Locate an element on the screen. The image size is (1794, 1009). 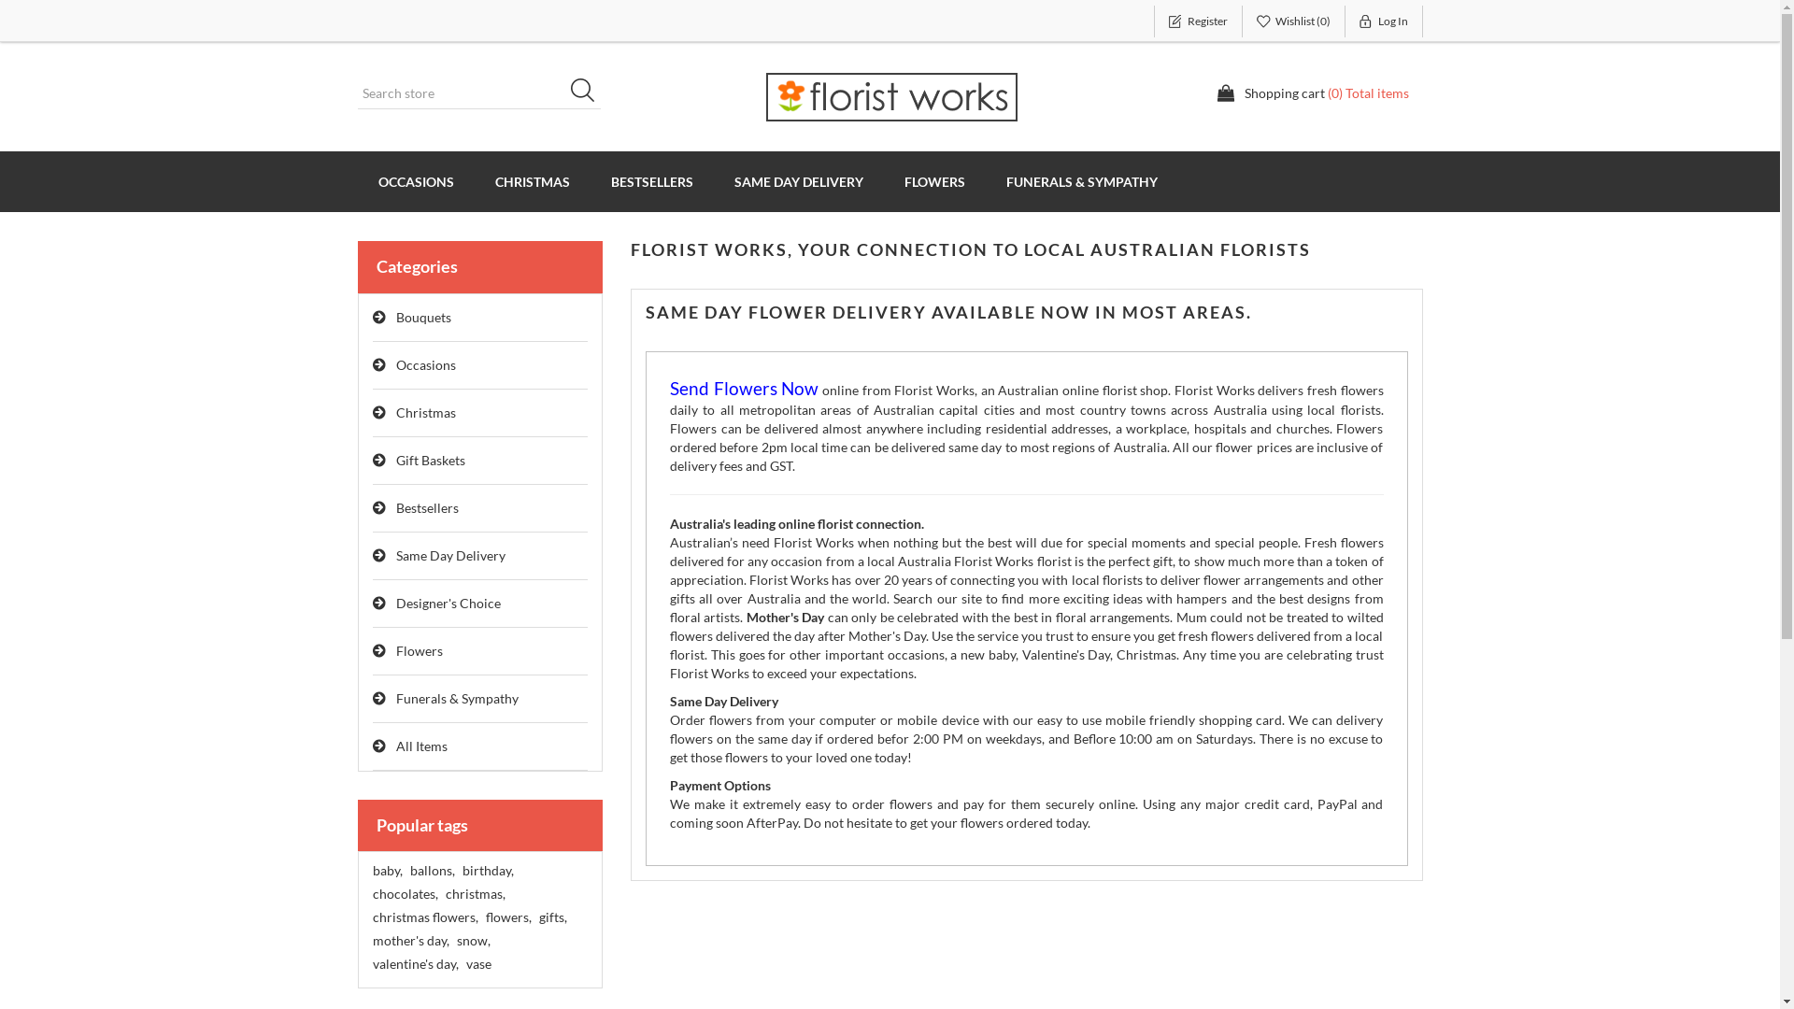
'Gift Baskets' is located at coordinates (479, 461).